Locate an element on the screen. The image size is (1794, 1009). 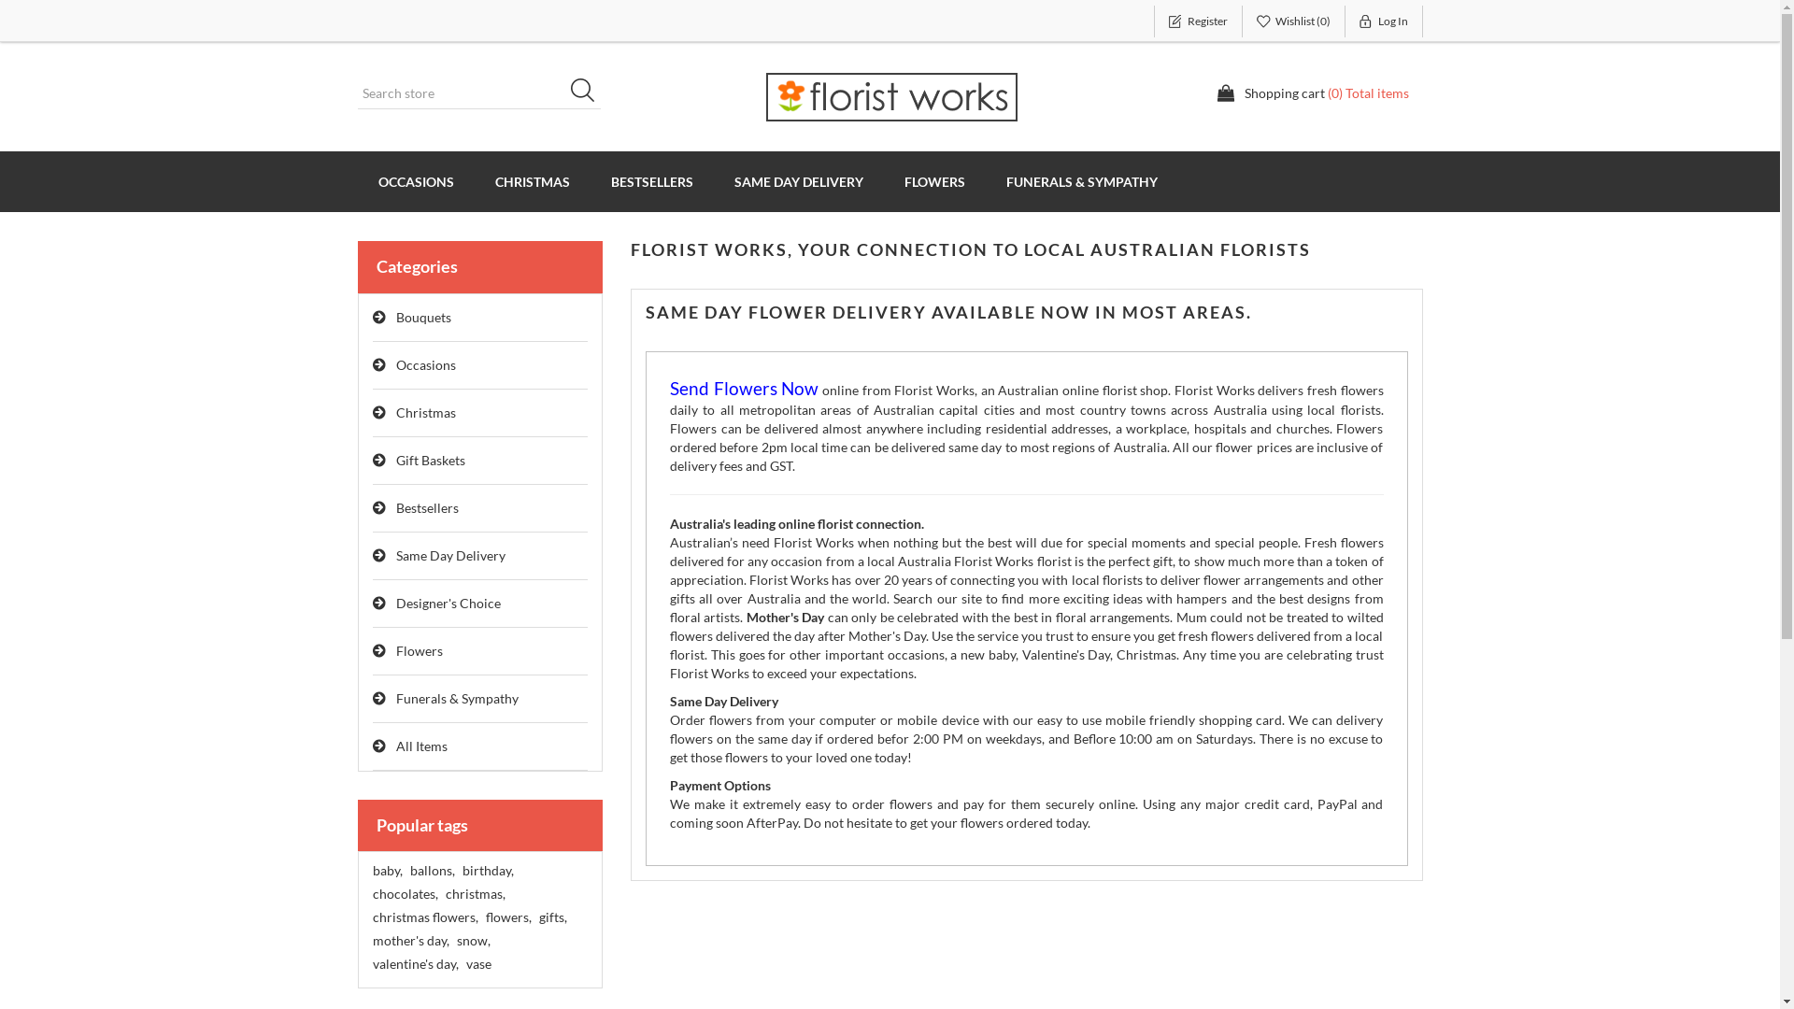
'Gift Baskets' is located at coordinates (479, 461).